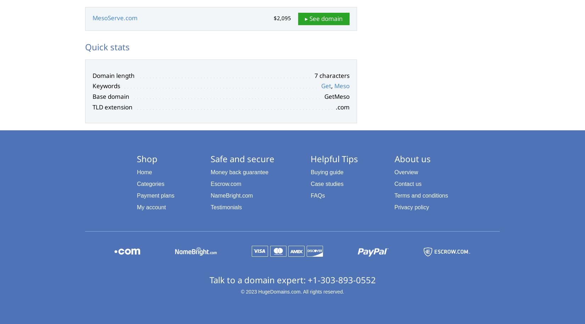 This screenshot has width=585, height=324. What do you see at coordinates (310, 184) in the screenshot?
I see `'Case studies'` at bounding box center [310, 184].